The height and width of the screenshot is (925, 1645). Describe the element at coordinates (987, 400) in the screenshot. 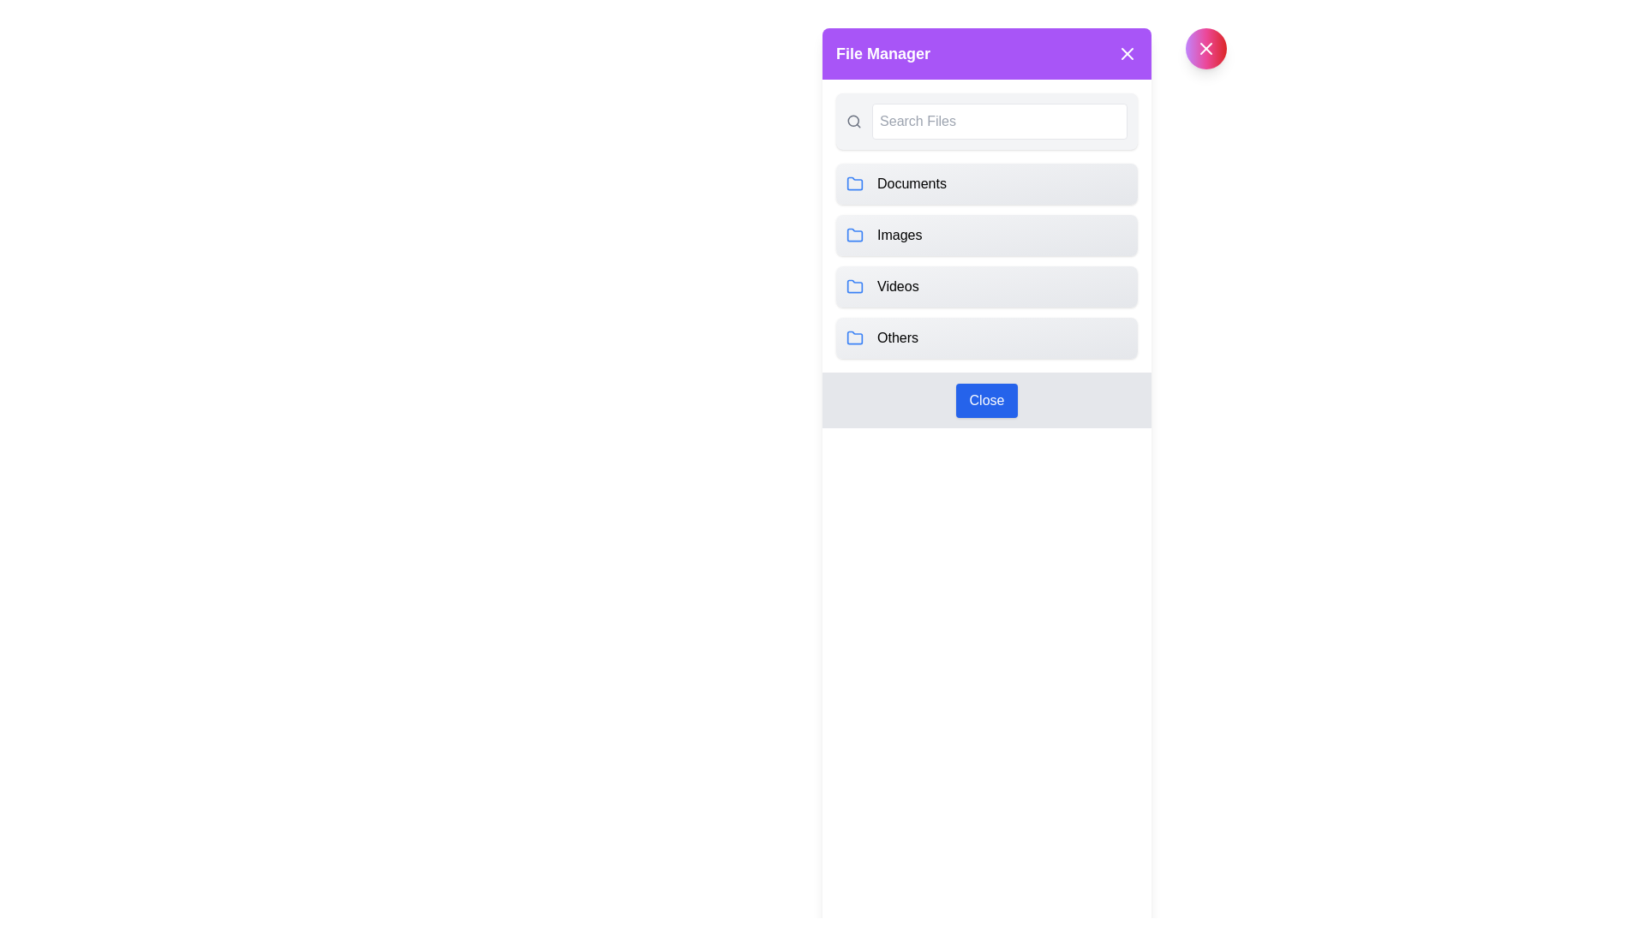

I see `the blue rectangular 'Close' button with white text, located at the bottom center of the File Manager interface` at that location.